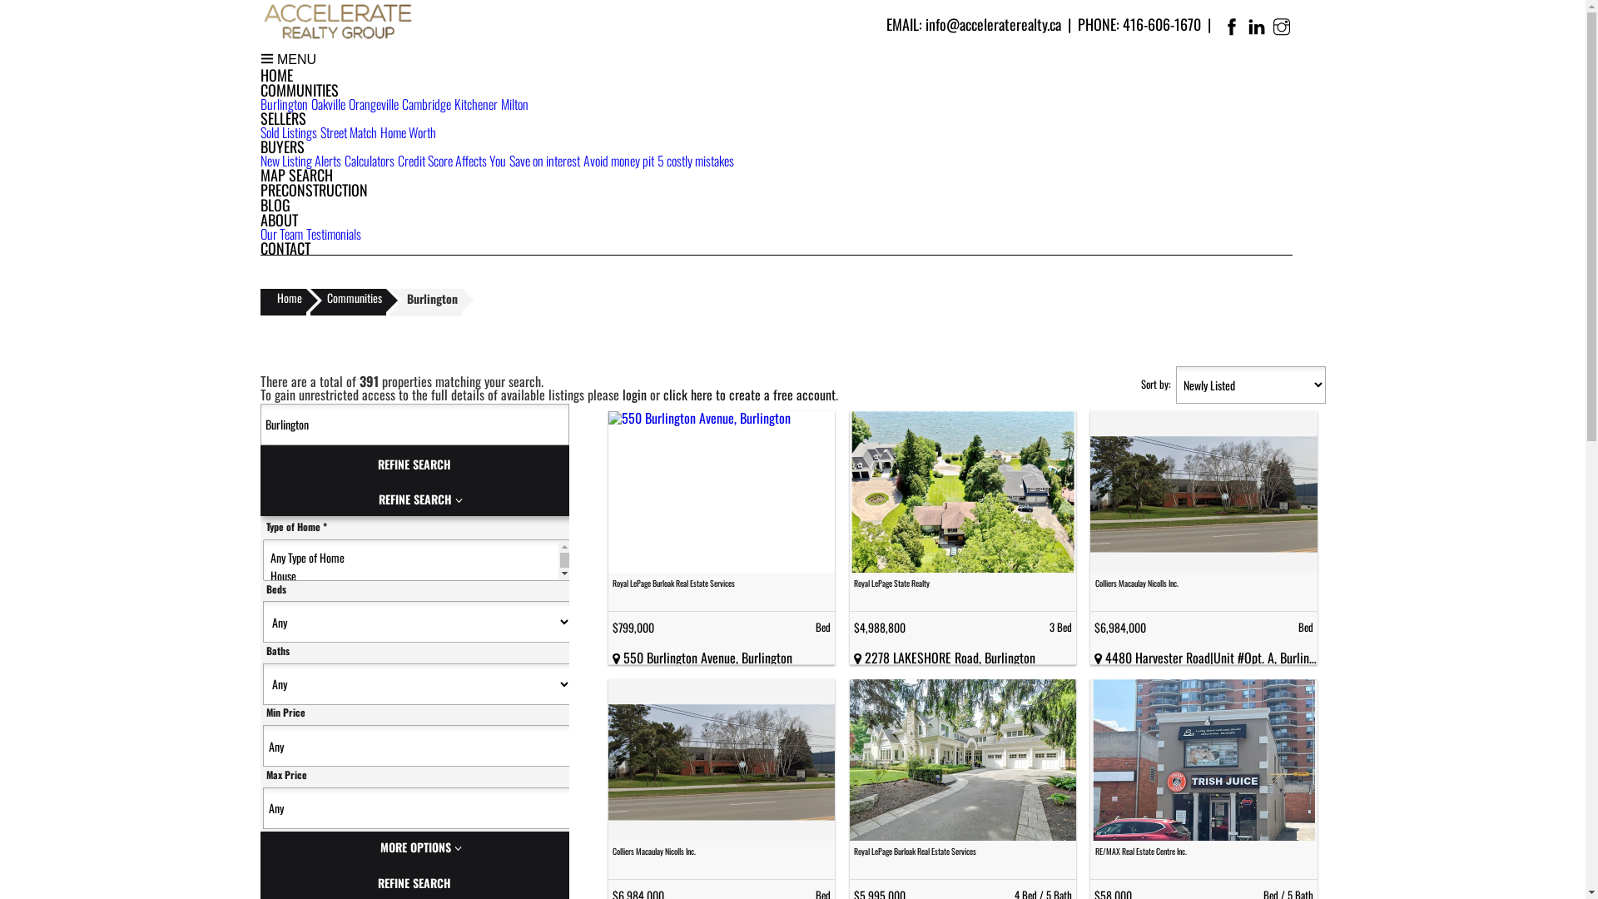  Describe the element at coordinates (333, 234) in the screenshot. I see `'Testimonials'` at that location.